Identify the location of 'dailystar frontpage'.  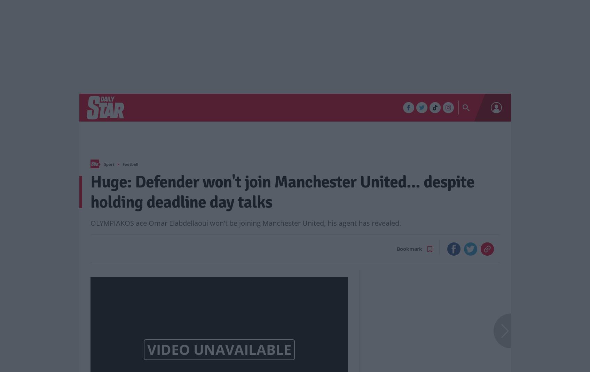
(103, 163).